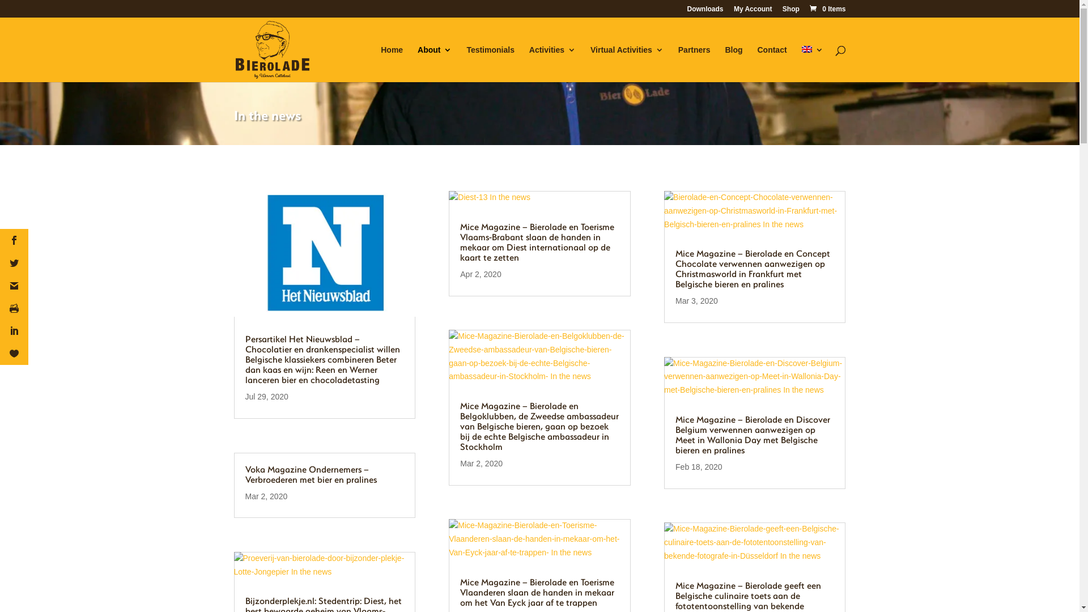 Image resolution: width=1088 pixels, height=612 pixels. Describe the element at coordinates (771, 63) in the screenshot. I see `'Contact'` at that location.